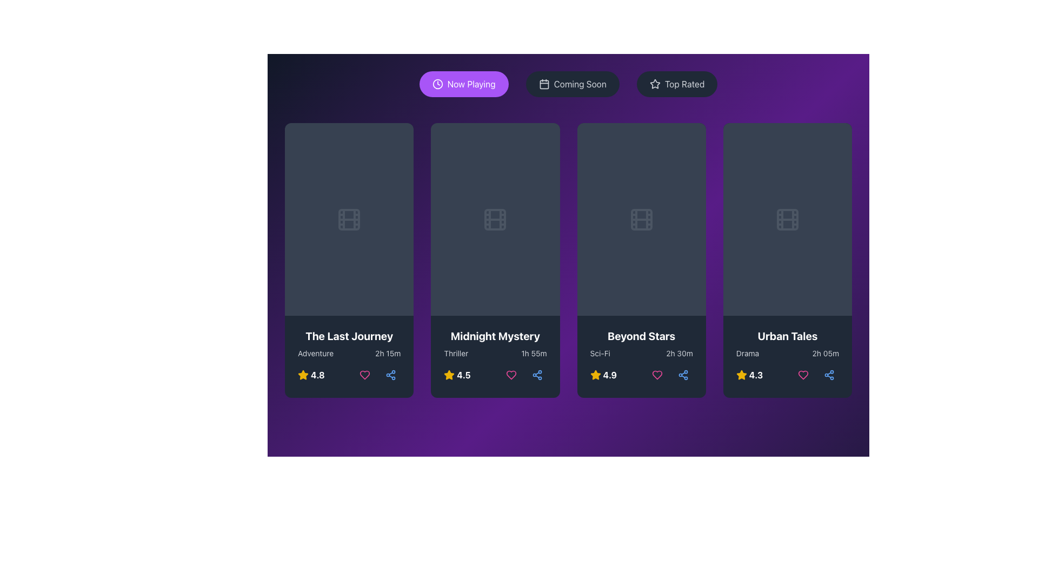  Describe the element at coordinates (656, 375) in the screenshot. I see `the heart-shaped pink icon button located at the bottom middle of the 'Beyond Stars' movie card to mark it as favorite` at that location.